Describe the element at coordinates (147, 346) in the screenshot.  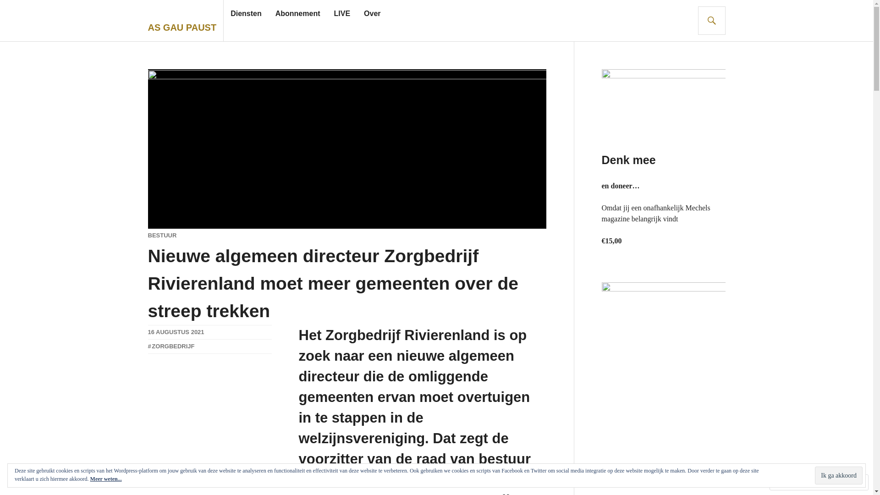
I see `'ZORGBEDRIJF'` at that location.